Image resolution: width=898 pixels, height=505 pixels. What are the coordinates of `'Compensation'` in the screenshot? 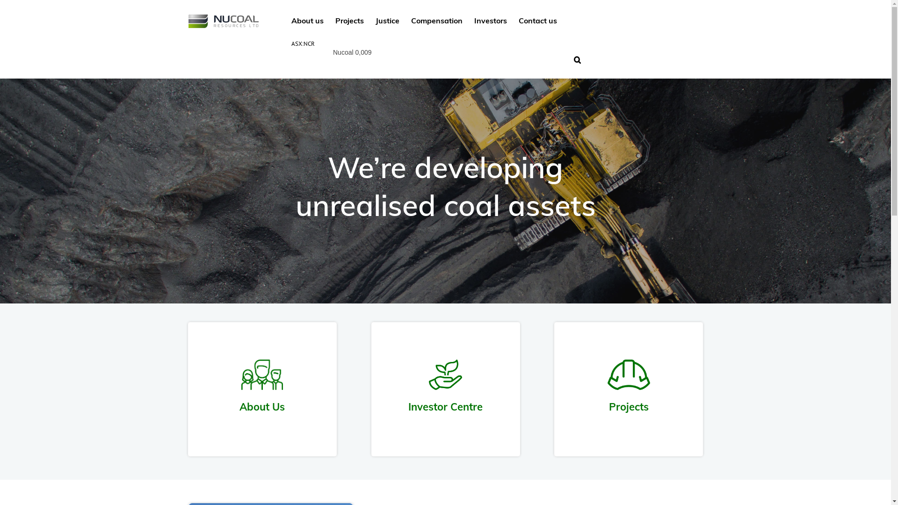 It's located at (435, 20).